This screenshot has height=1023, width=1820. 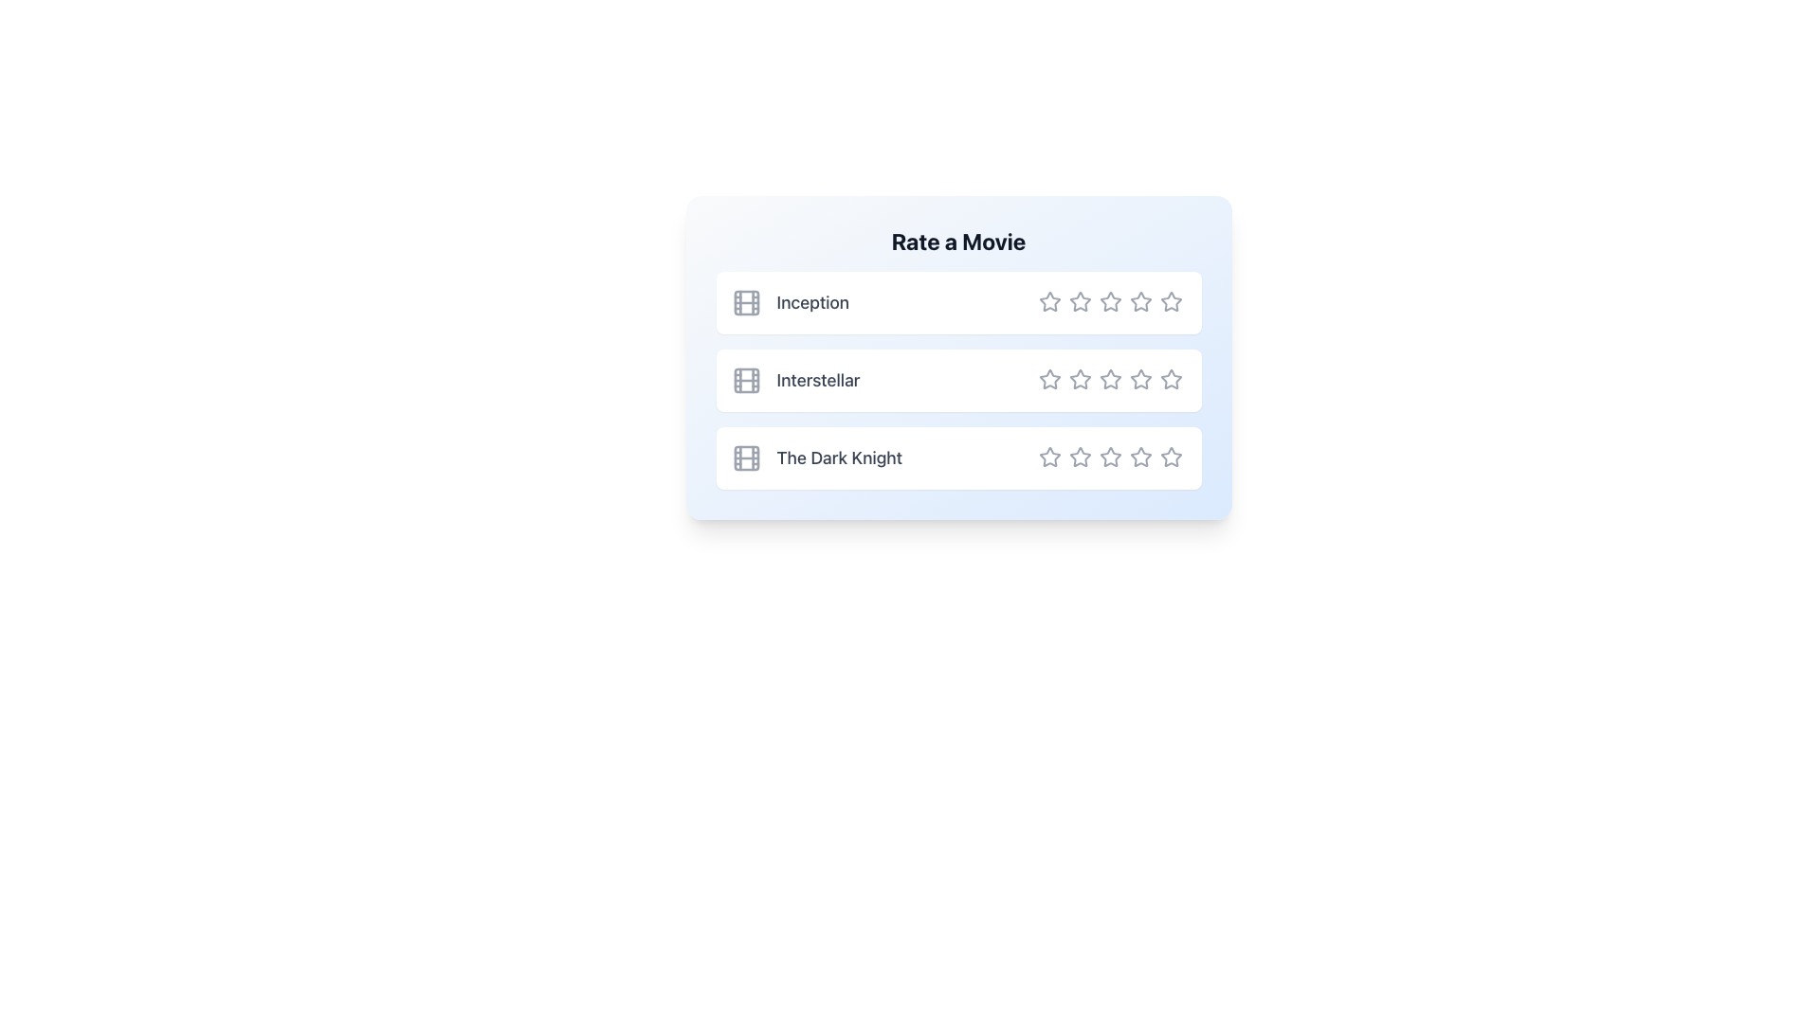 I want to click on the third gray-colored hollow star icon in the star rating system for the 'Inception' movie entry, so click(x=1110, y=301).